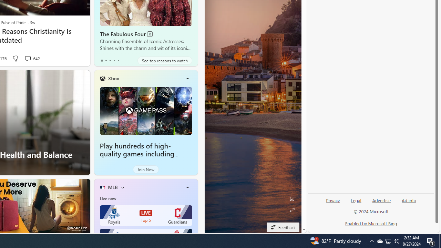 The image size is (441, 248). Describe the element at coordinates (113, 187) in the screenshot. I see `'MLB'` at that location.